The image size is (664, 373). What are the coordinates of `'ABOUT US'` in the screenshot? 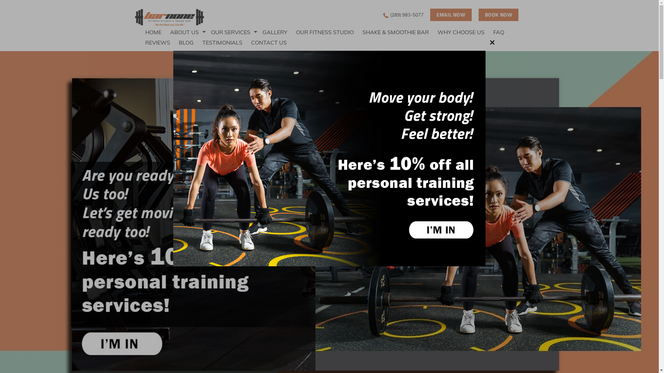 It's located at (191, 32).